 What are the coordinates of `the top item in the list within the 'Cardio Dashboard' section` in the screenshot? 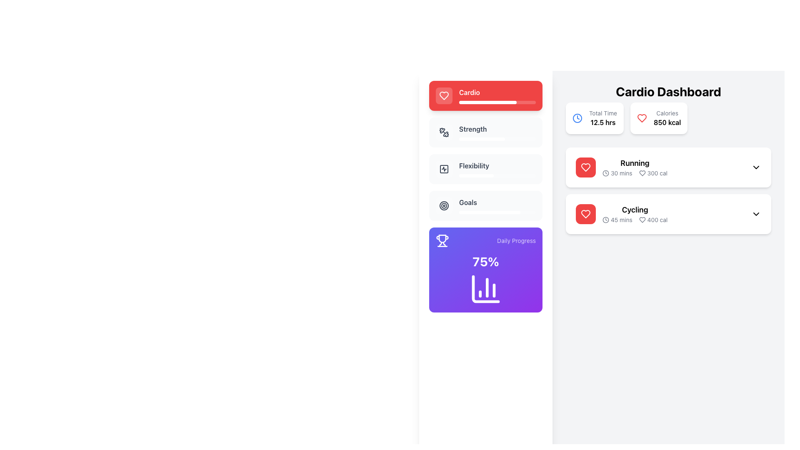 It's located at (668, 167).